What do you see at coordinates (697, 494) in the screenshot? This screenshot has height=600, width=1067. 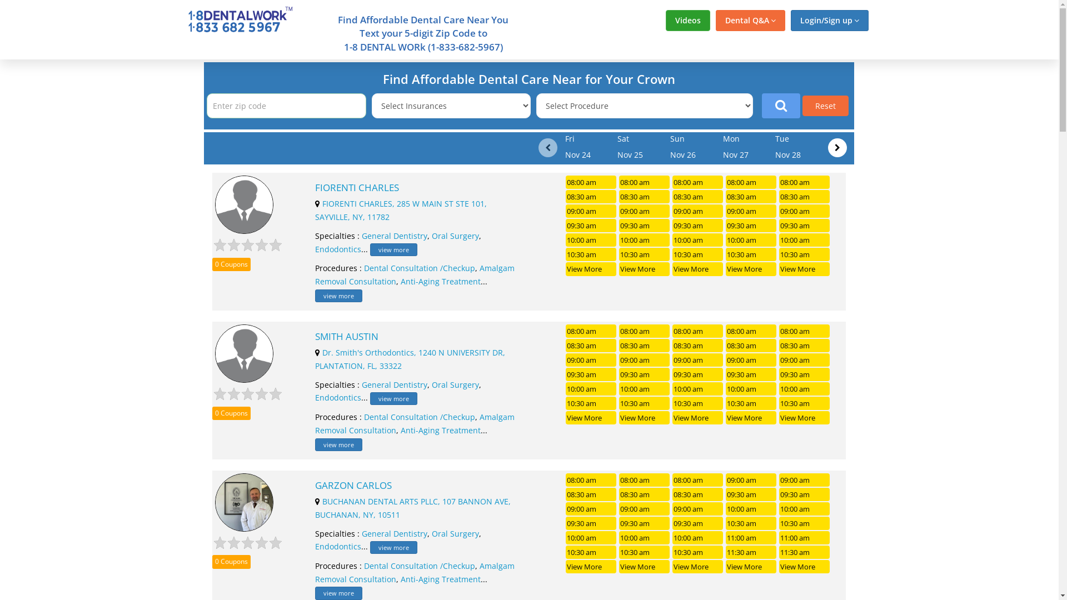 I see `'08:30 am'` at bounding box center [697, 494].